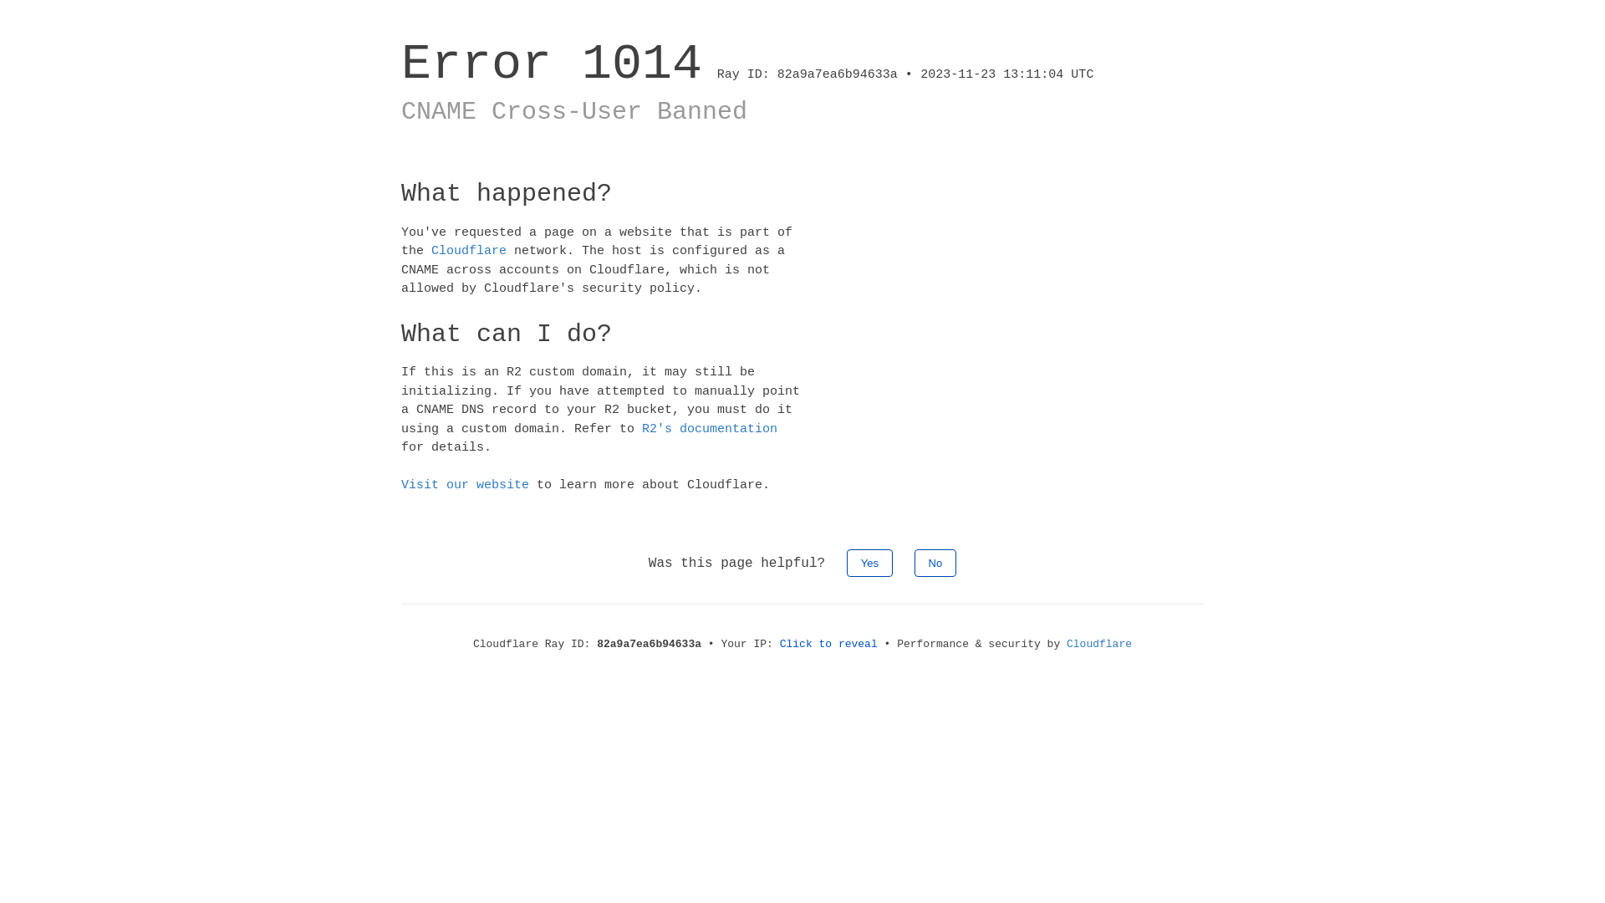  Describe the element at coordinates (710, 427) in the screenshot. I see `'R2's documentation'` at that location.